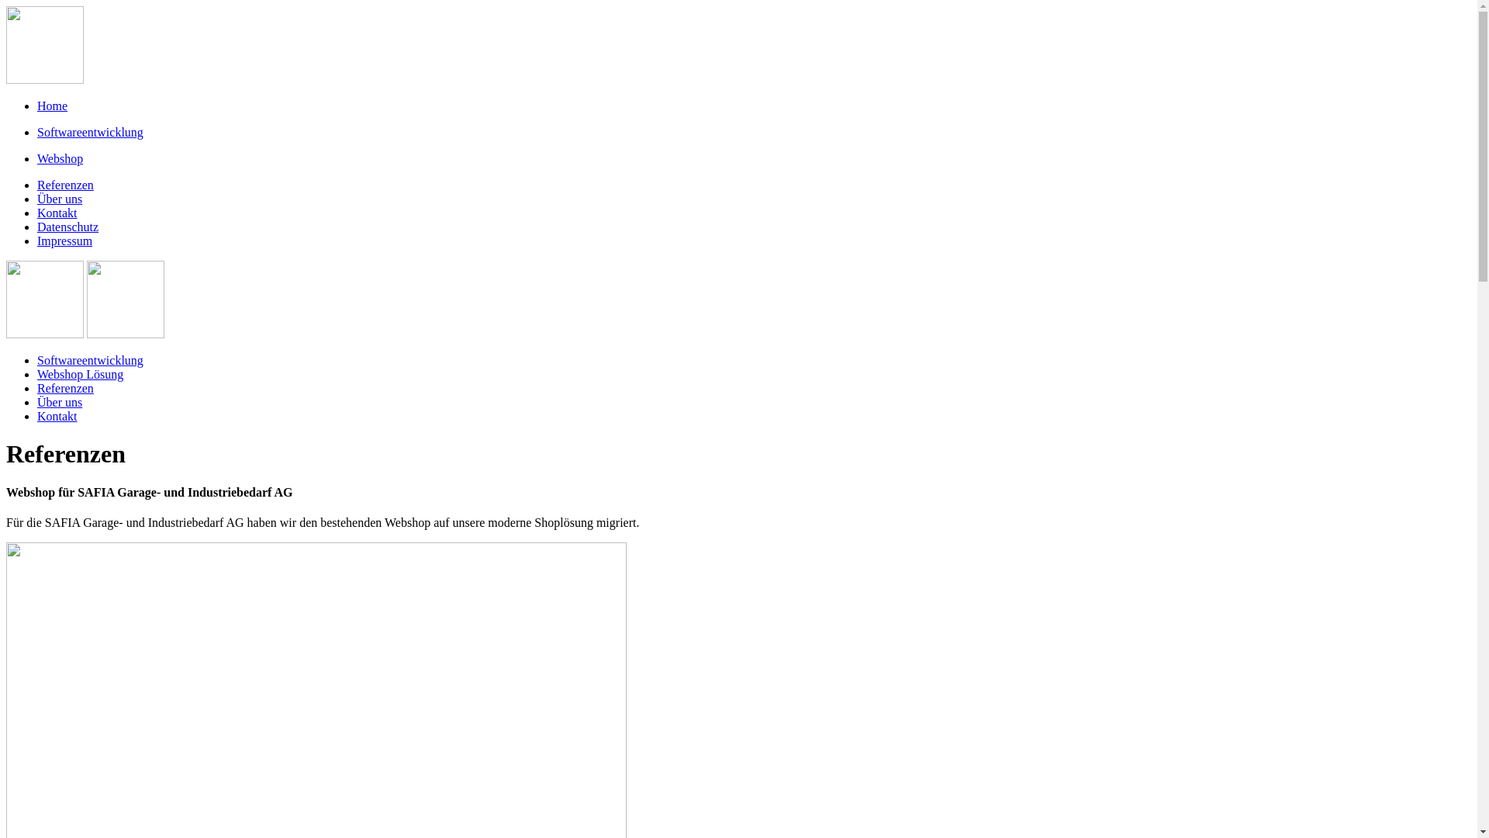 Image resolution: width=1489 pixels, height=838 pixels. Describe the element at coordinates (64, 241) in the screenshot. I see `'Impressum'` at that location.